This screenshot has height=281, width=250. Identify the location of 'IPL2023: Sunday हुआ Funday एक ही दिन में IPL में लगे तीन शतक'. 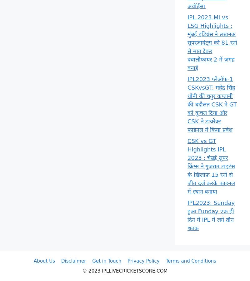
(211, 215).